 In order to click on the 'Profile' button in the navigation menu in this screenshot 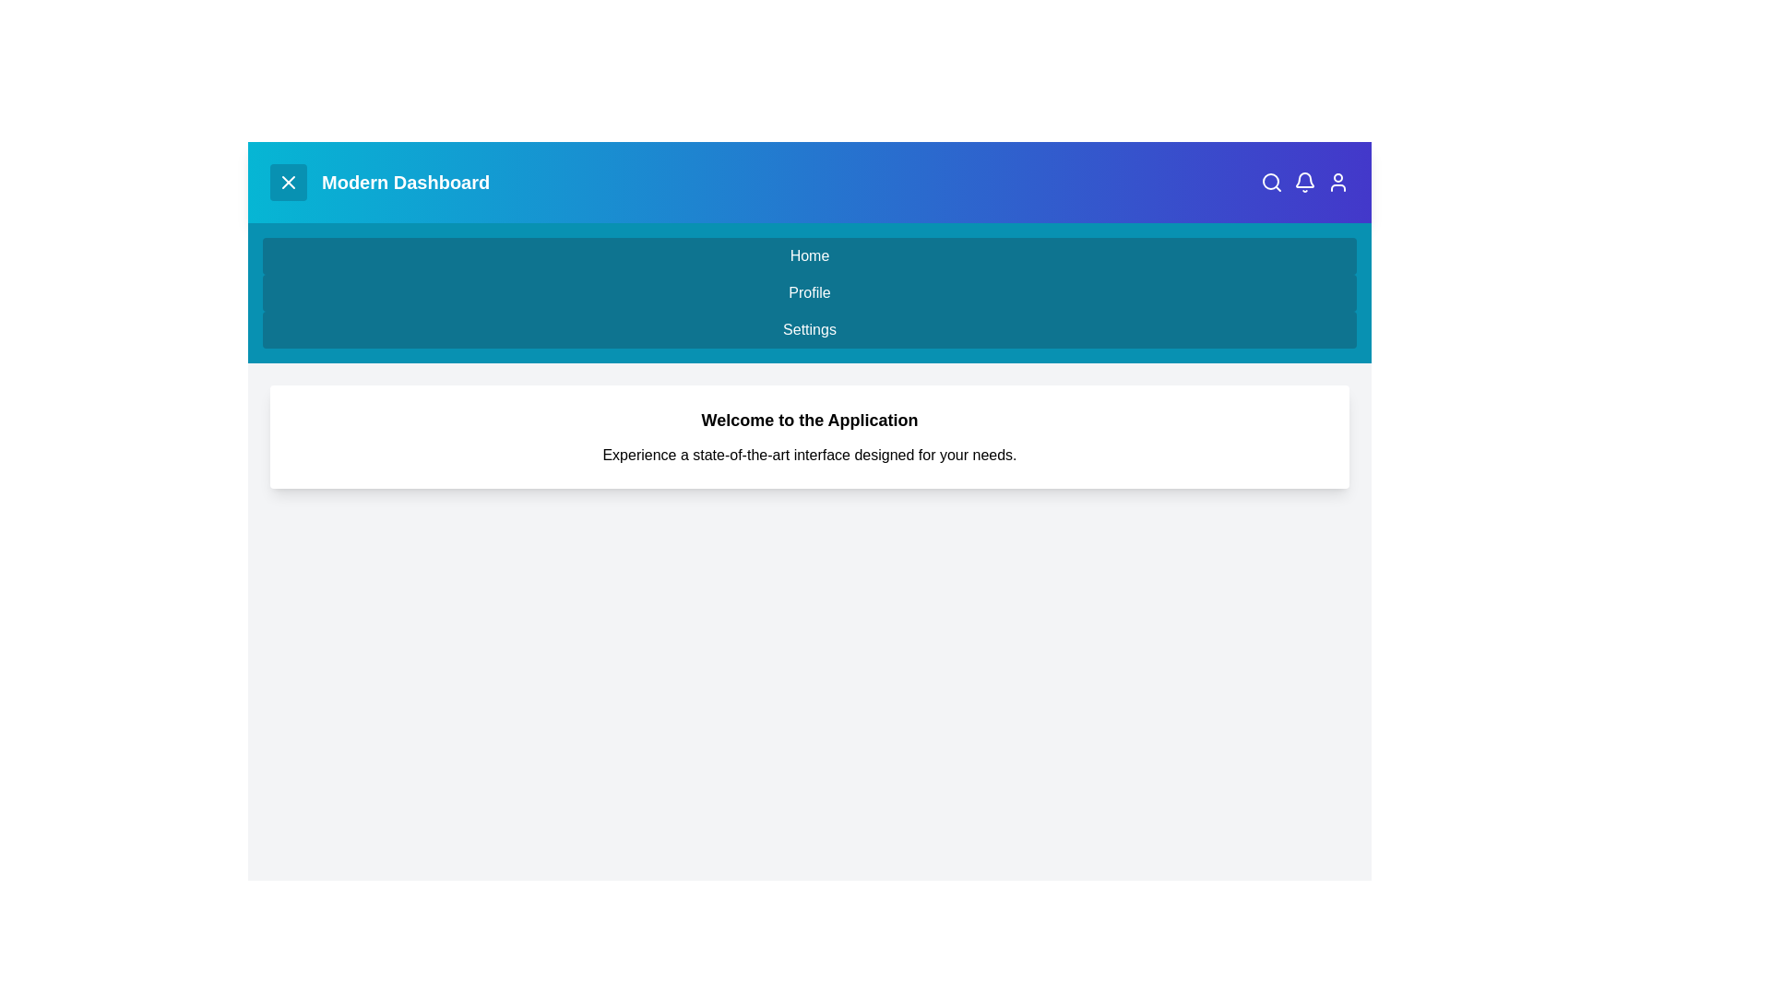, I will do `click(810, 291)`.